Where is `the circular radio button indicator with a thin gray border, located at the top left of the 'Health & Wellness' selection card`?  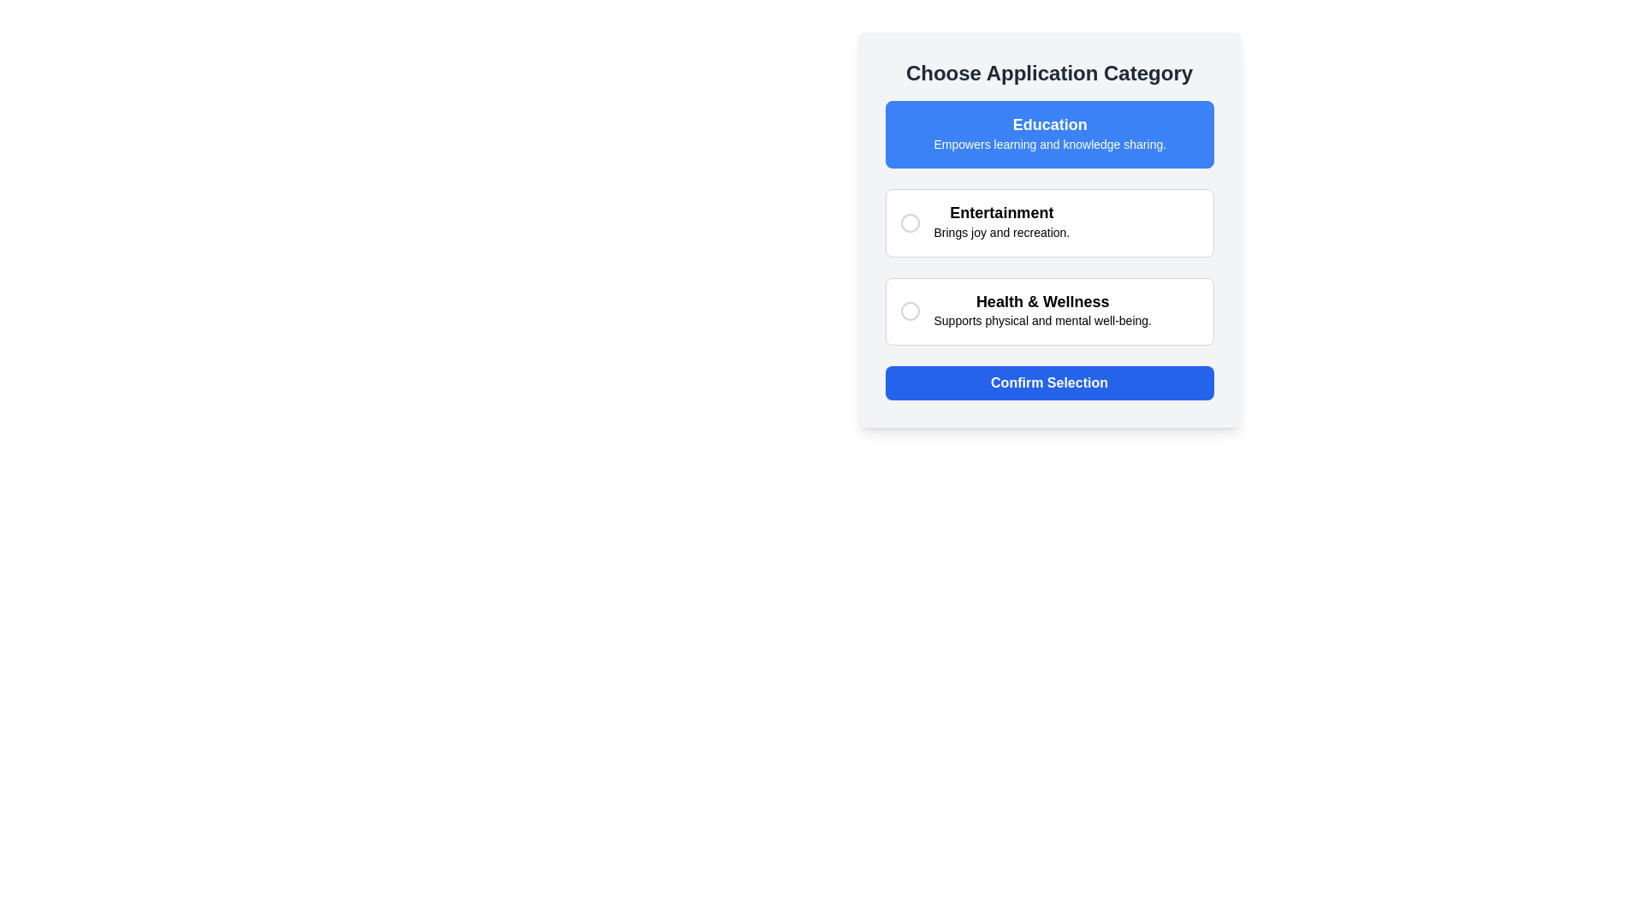
the circular radio button indicator with a thin gray border, located at the top left of the 'Health & Wellness' selection card is located at coordinates (909, 311).